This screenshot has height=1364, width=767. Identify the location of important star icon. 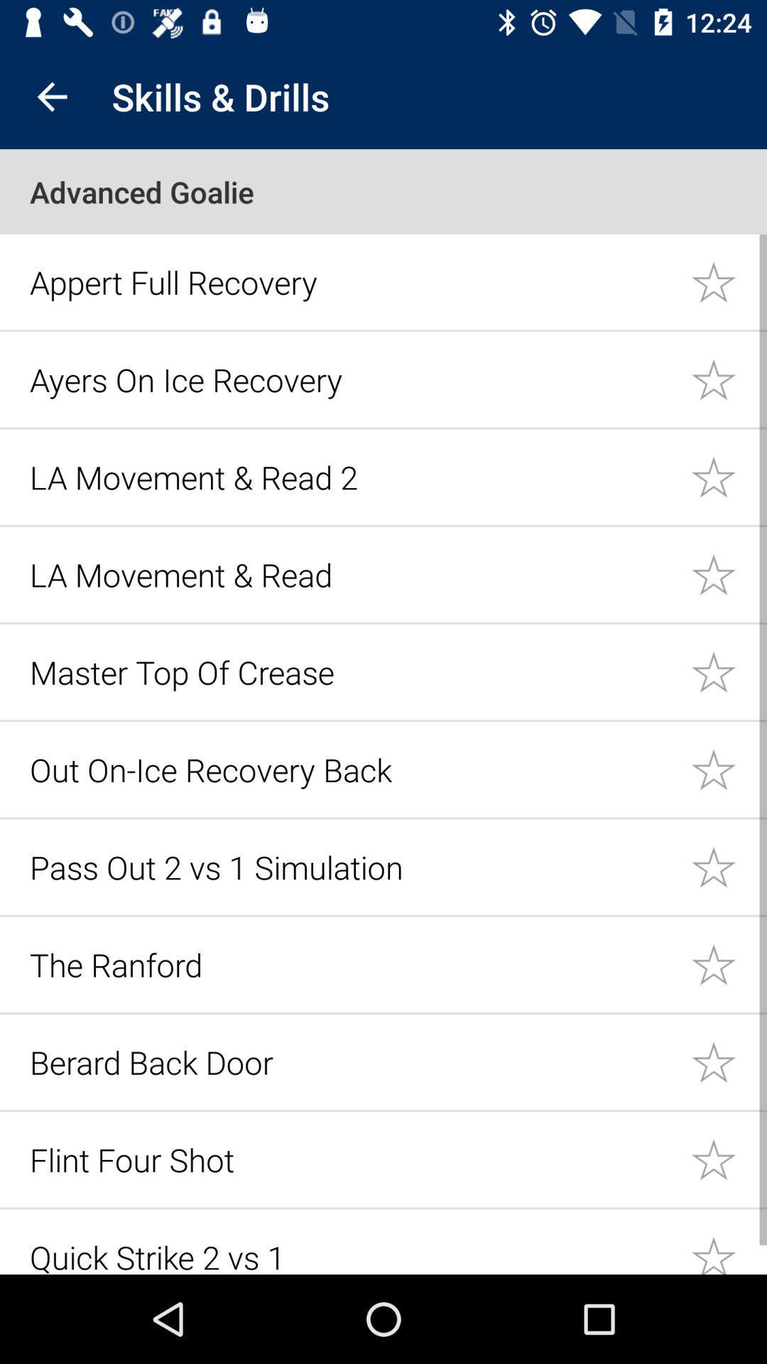
(729, 477).